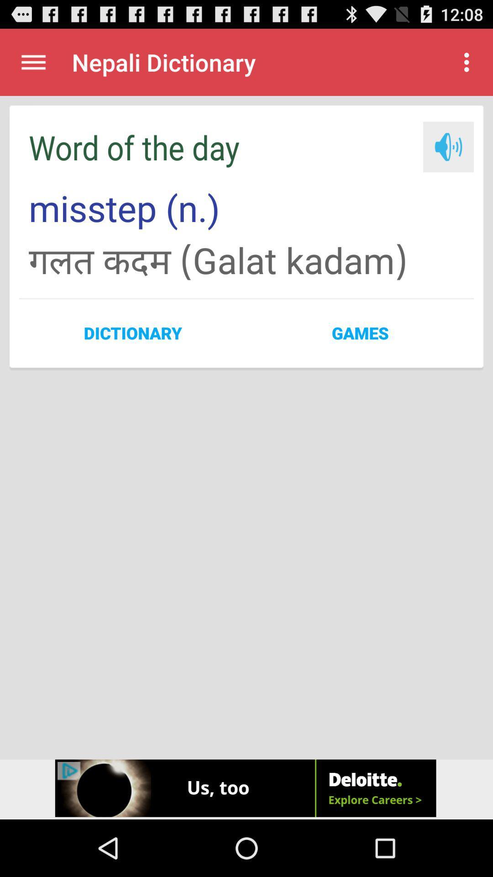 The height and width of the screenshot is (877, 493). Describe the element at coordinates (448, 147) in the screenshot. I see `listen to audio` at that location.